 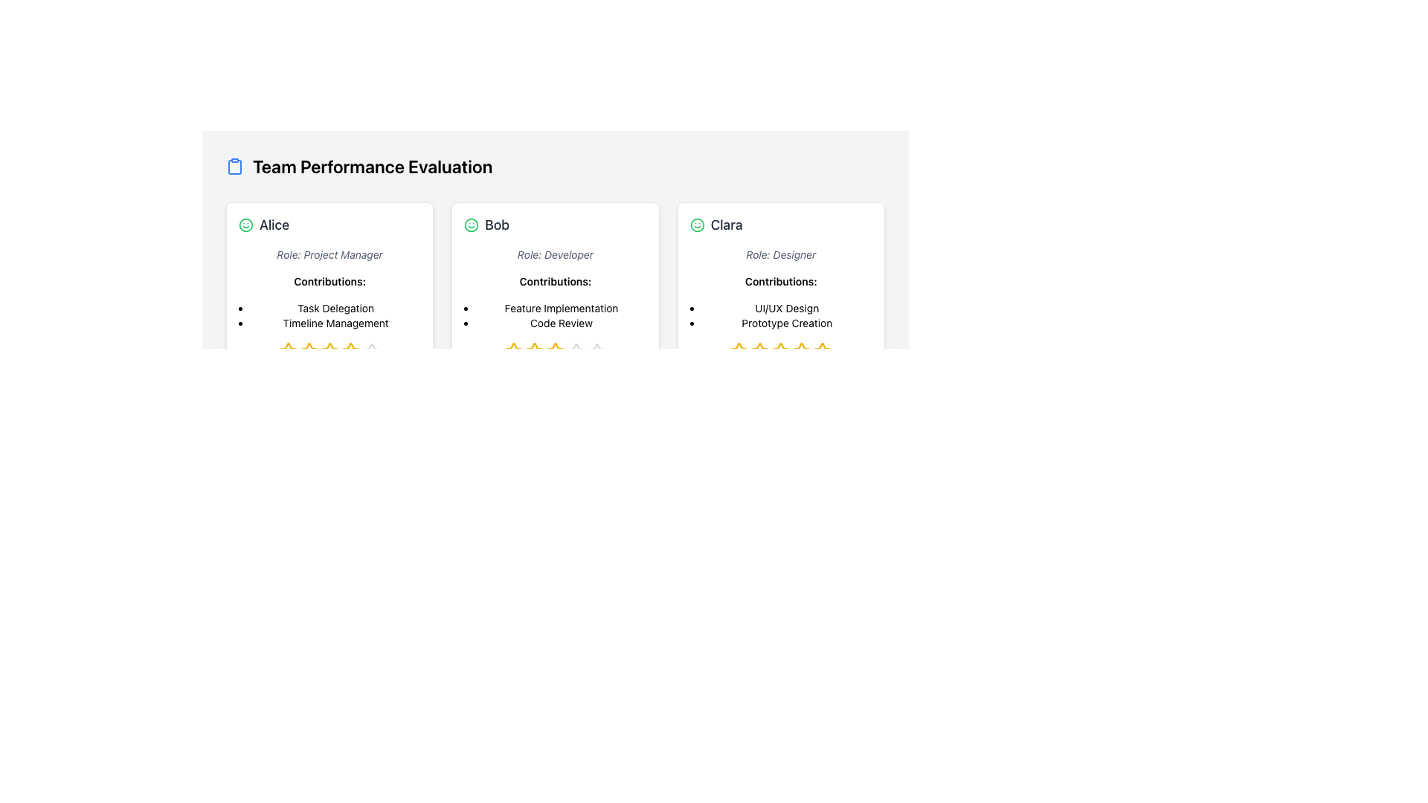 I want to click on the highlighted star icon in the 'Clara' section of the 'Team Performance Evaluation' application, so click(x=739, y=351).